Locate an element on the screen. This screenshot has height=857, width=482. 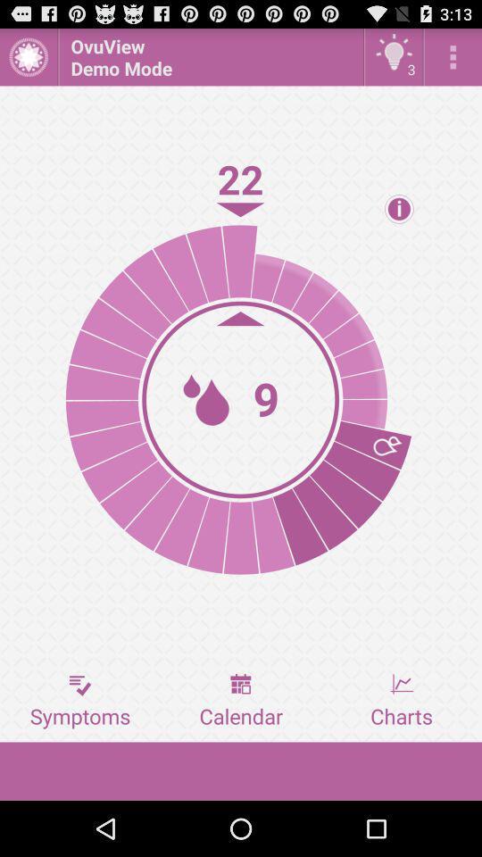
icon to the left of the charts is located at coordinates (241, 701).